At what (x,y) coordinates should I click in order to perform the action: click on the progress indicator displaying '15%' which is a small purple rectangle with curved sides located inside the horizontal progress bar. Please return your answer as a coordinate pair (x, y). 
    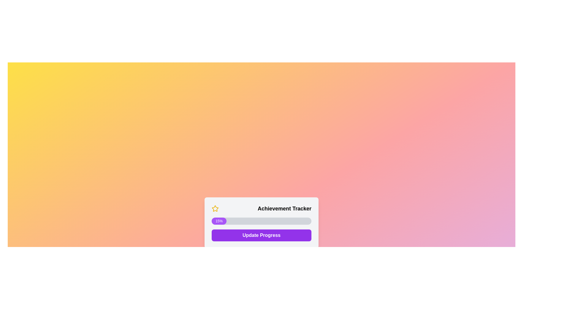
    Looking at the image, I should click on (219, 221).